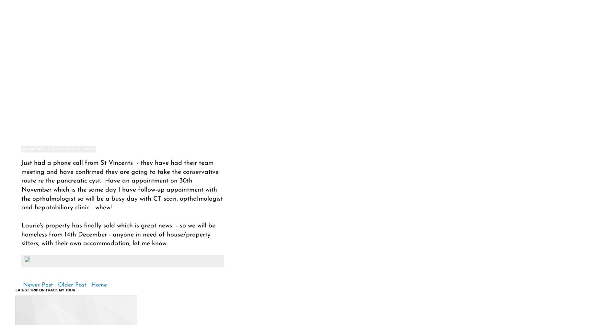 The height and width of the screenshot is (325, 602). What do you see at coordinates (24, 83) in the screenshot?
I see `'Travel Blog'` at bounding box center [24, 83].